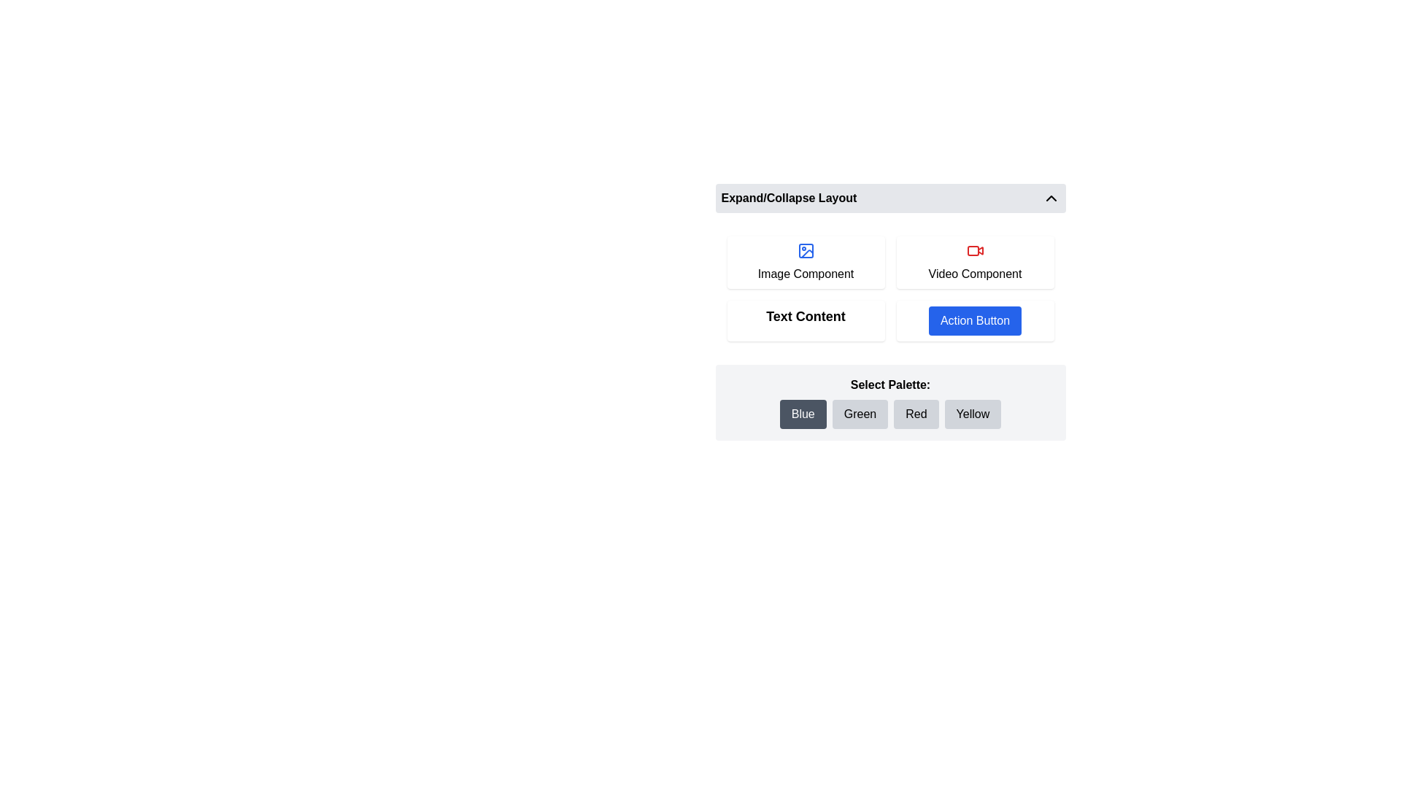 This screenshot has width=1401, height=788. I want to click on the 'Green' button, which is a rectangular button with rounded corners, grey background, and black text, located under the 'Select Palette' section, so click(860, 414).